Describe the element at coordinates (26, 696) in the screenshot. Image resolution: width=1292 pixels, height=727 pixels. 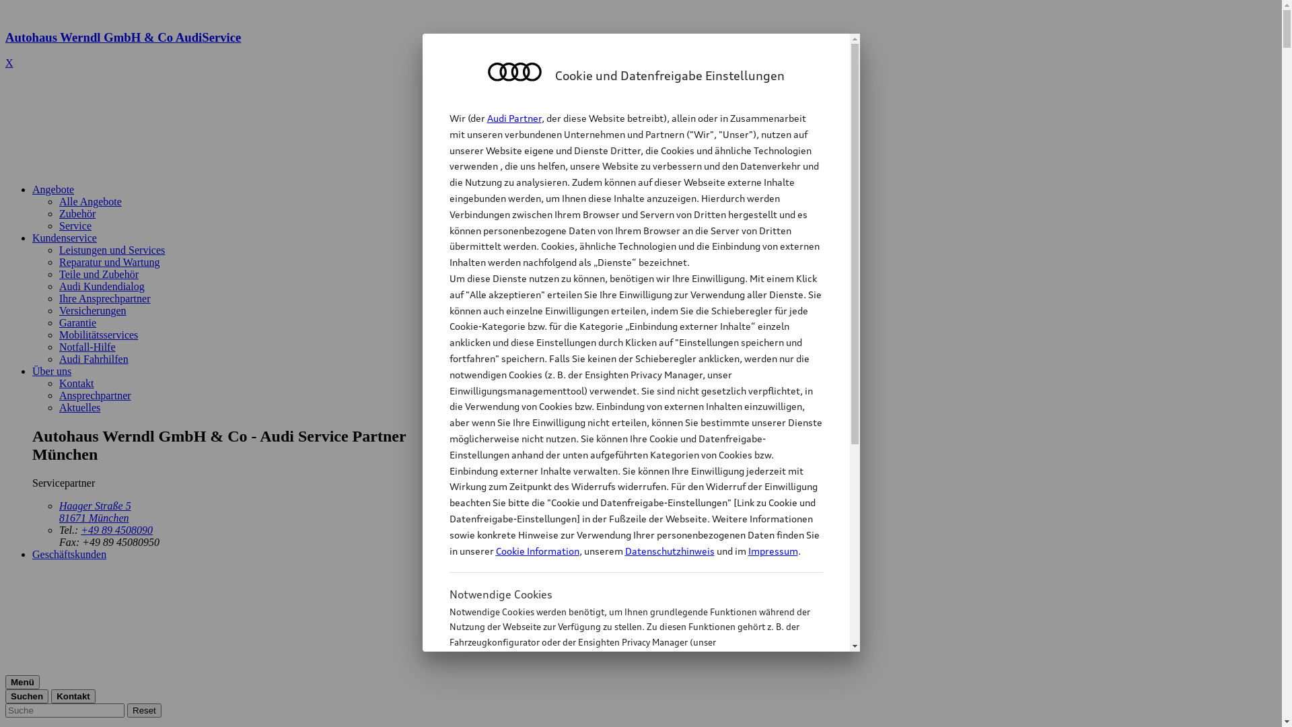
I see `'Suchen'` at that location.